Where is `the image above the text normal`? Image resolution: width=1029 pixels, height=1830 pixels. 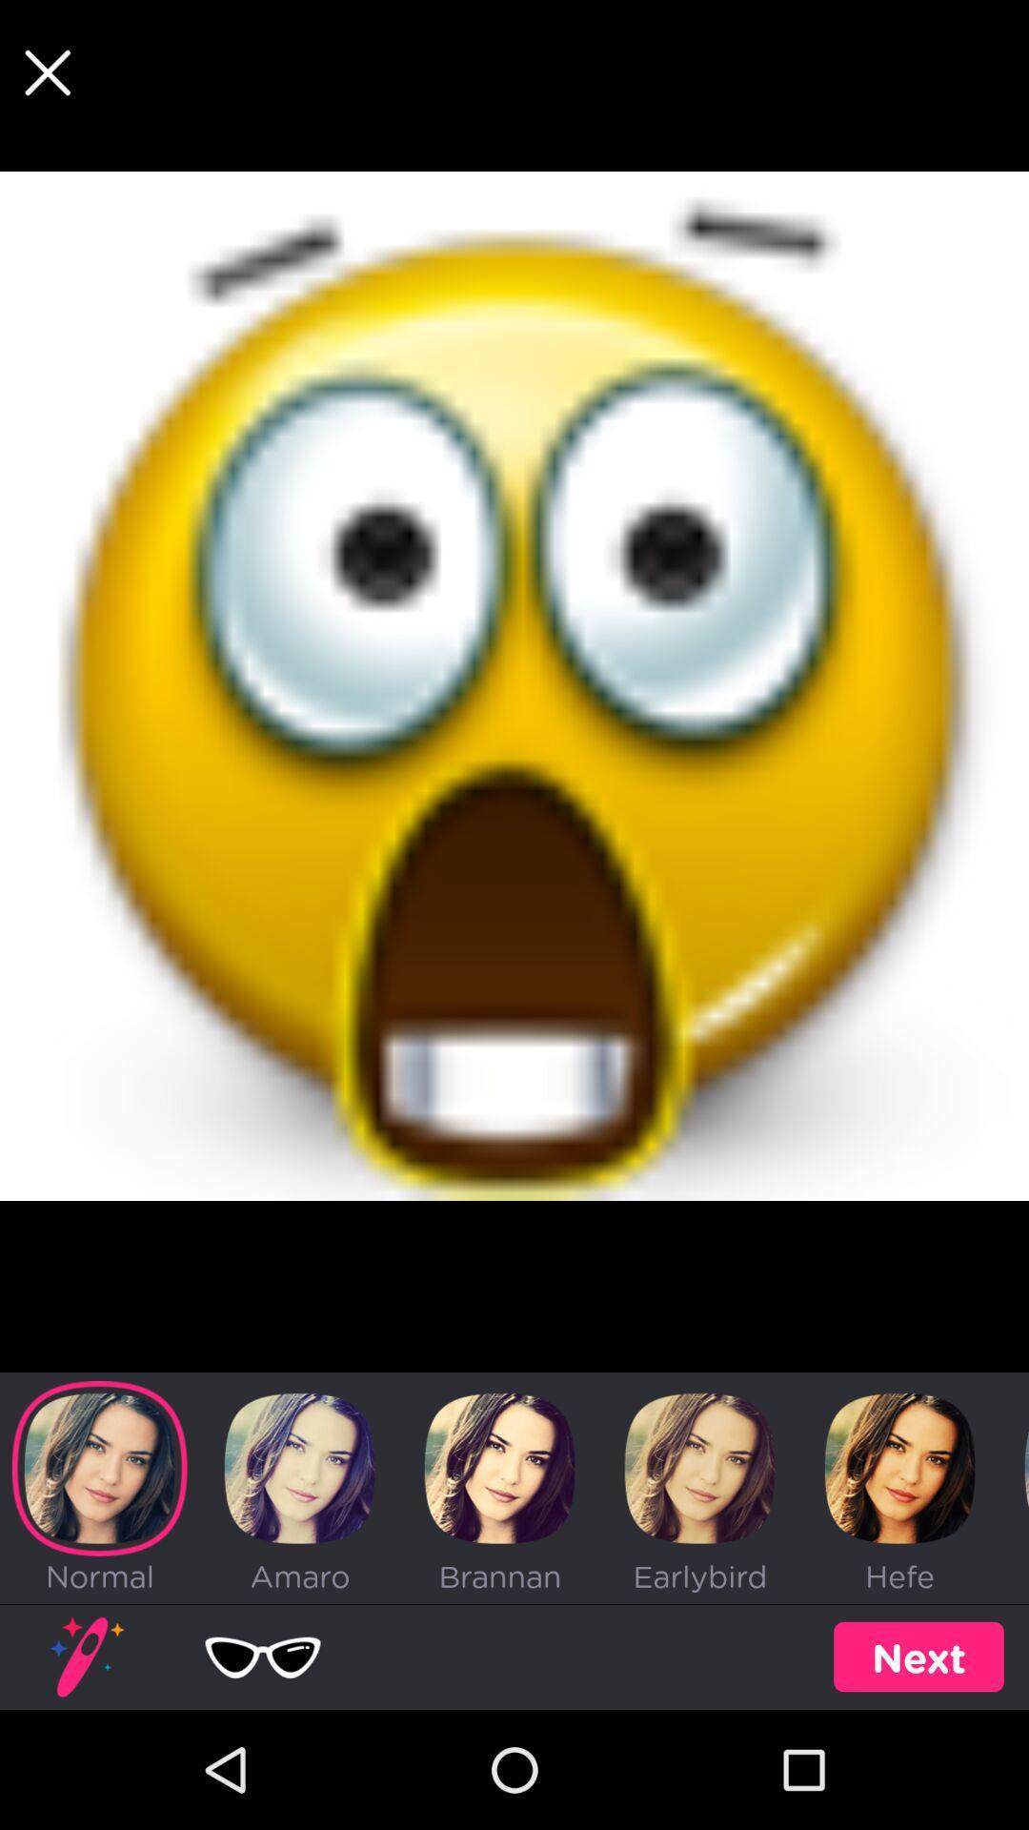
the image above the text normal is located at coordinates (88, 1656).